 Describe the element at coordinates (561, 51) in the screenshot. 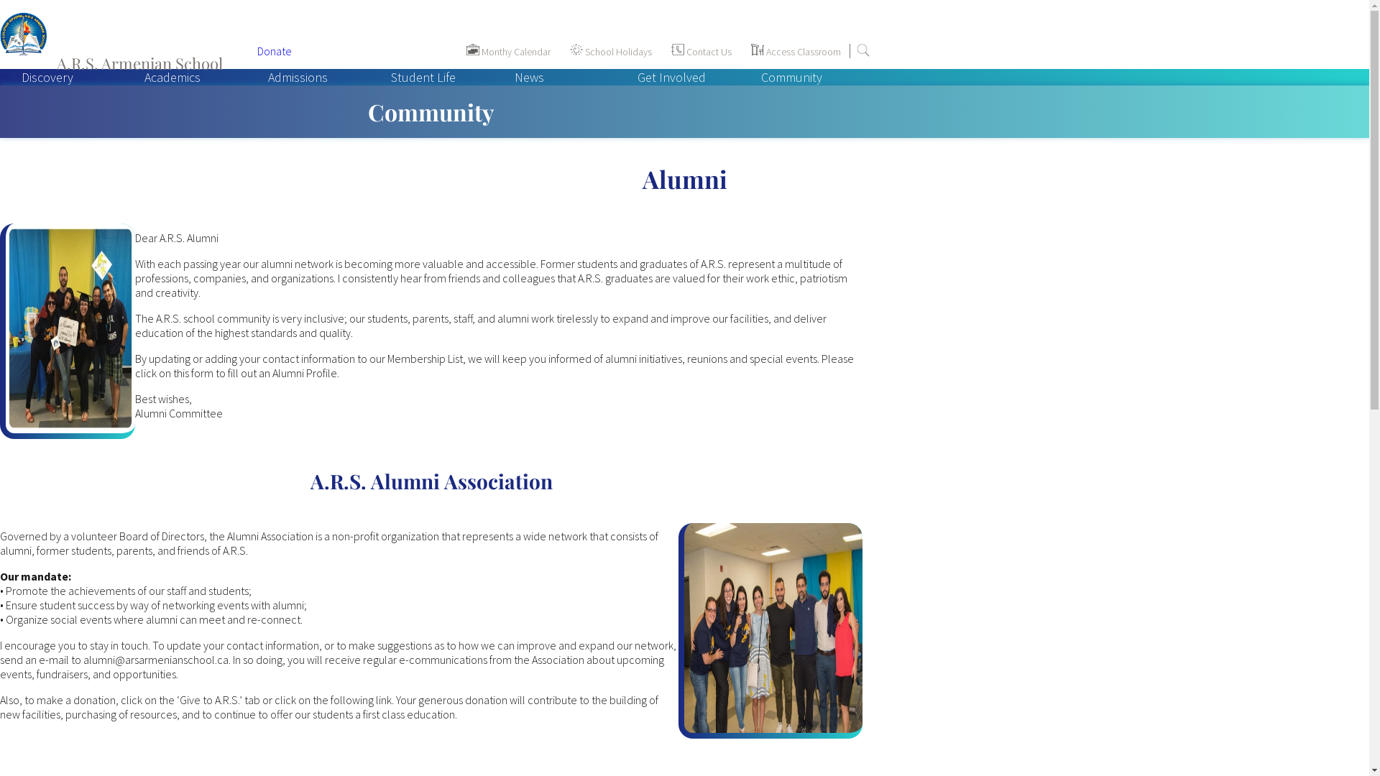

I see `'School Holidays'` at that location.